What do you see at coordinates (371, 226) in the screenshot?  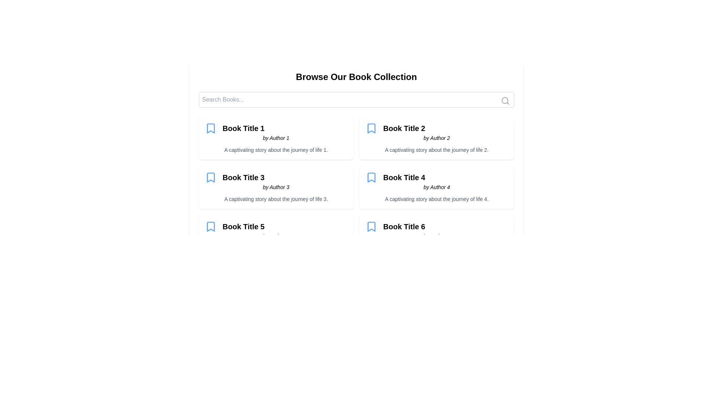 I see `the 'favorite' or 'bookmark' icon associated with 'Book Title 6', located on the right-hand side of the second row in a two-column grid layout` at bounding box center [371, 226].